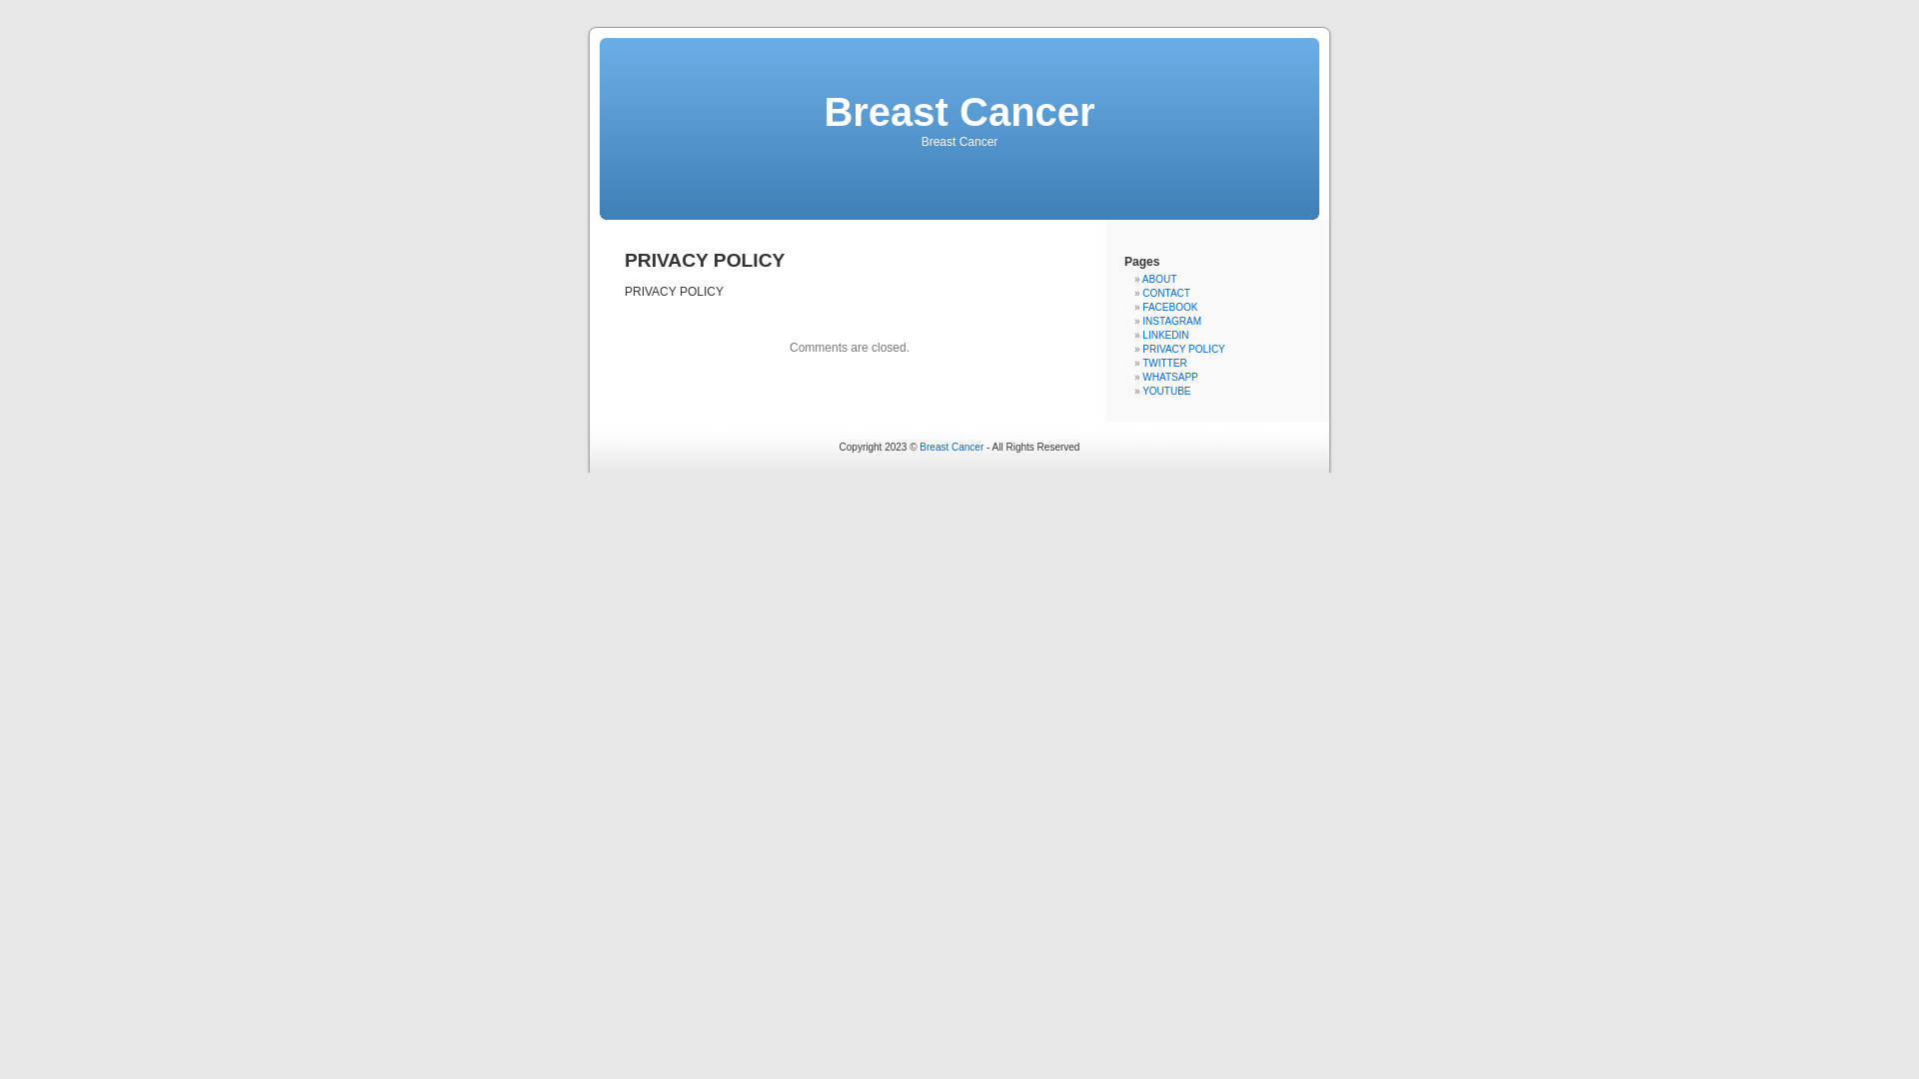  What do you see at coordinates (950, 446) in the screenshot?
I see `'Breast Cancer'` at bounding box center [950, 446].